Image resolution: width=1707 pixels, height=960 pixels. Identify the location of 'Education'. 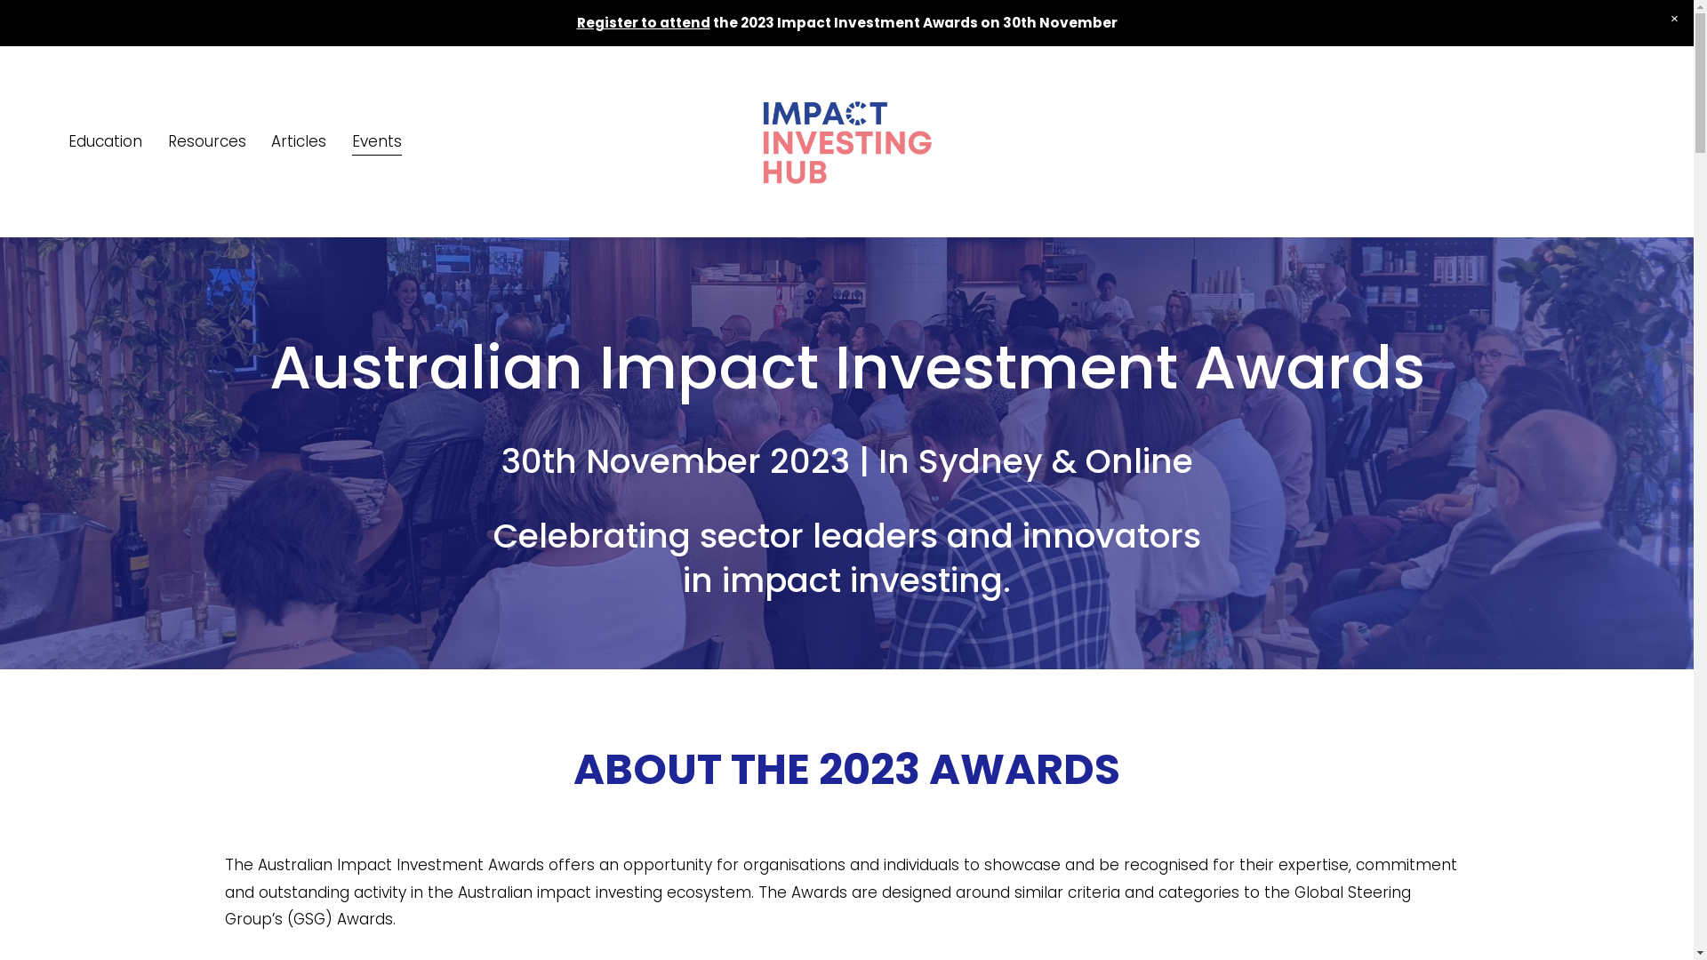
(104, 140).